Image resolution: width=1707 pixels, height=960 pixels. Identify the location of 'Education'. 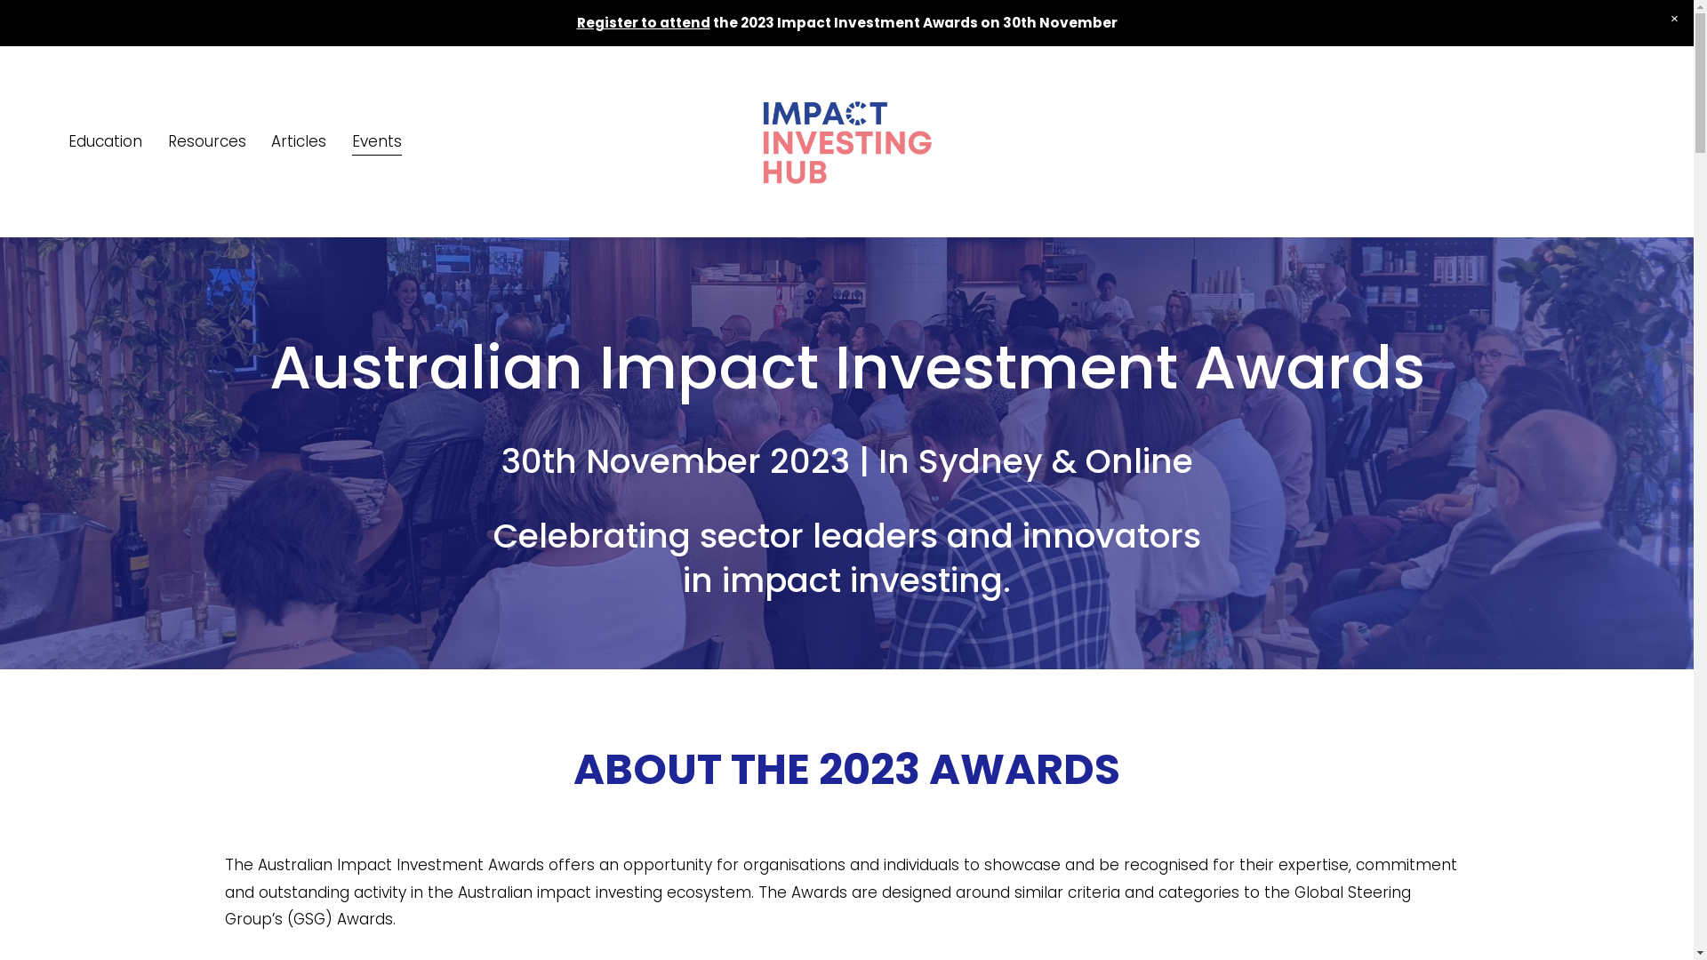
(104, 140).